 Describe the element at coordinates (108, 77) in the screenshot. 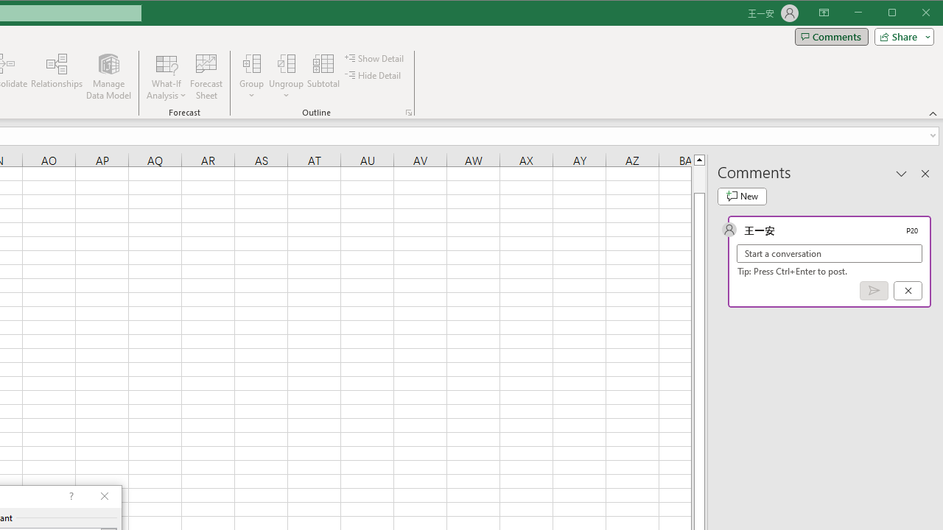

I see `'Manage Data Model'` at that location.